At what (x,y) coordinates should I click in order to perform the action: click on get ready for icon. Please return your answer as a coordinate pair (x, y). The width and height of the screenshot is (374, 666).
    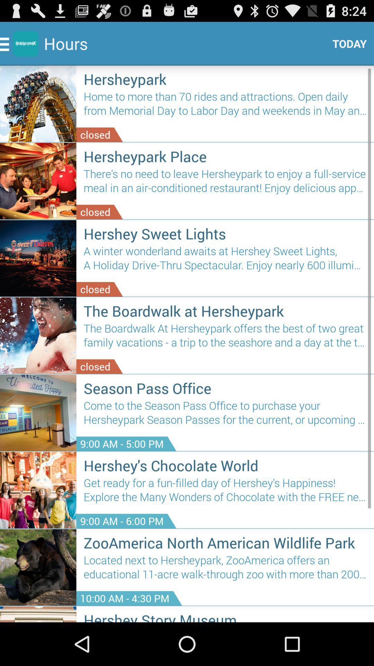
    Looking at the image, I should click on (225, 492).